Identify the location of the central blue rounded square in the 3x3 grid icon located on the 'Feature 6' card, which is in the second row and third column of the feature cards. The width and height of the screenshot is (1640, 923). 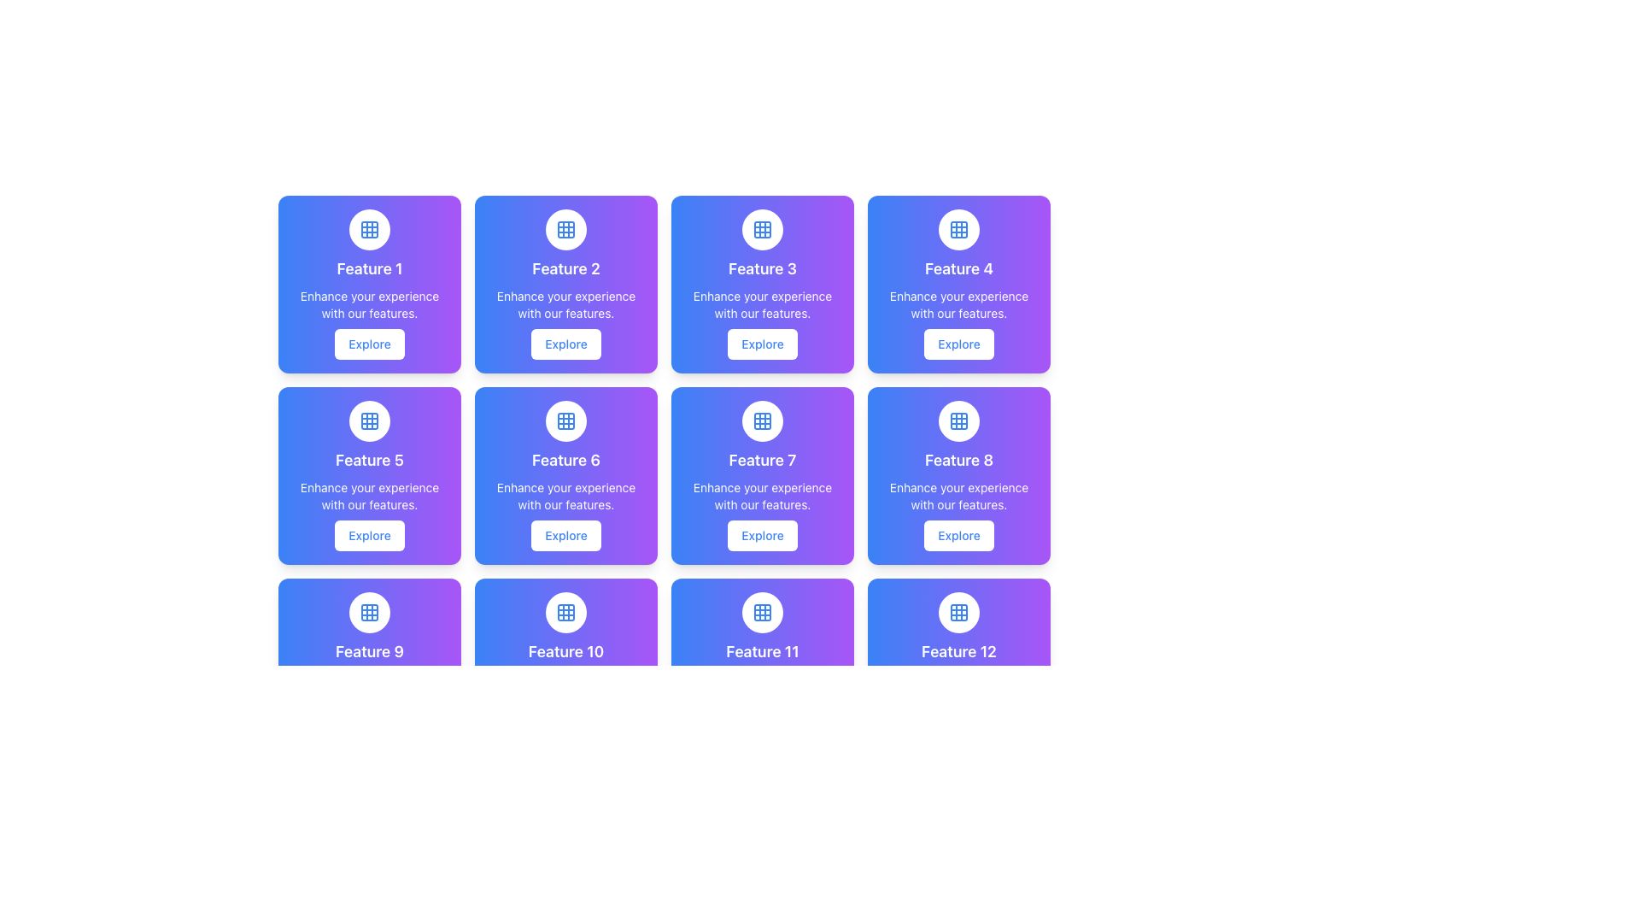
(565, 421).